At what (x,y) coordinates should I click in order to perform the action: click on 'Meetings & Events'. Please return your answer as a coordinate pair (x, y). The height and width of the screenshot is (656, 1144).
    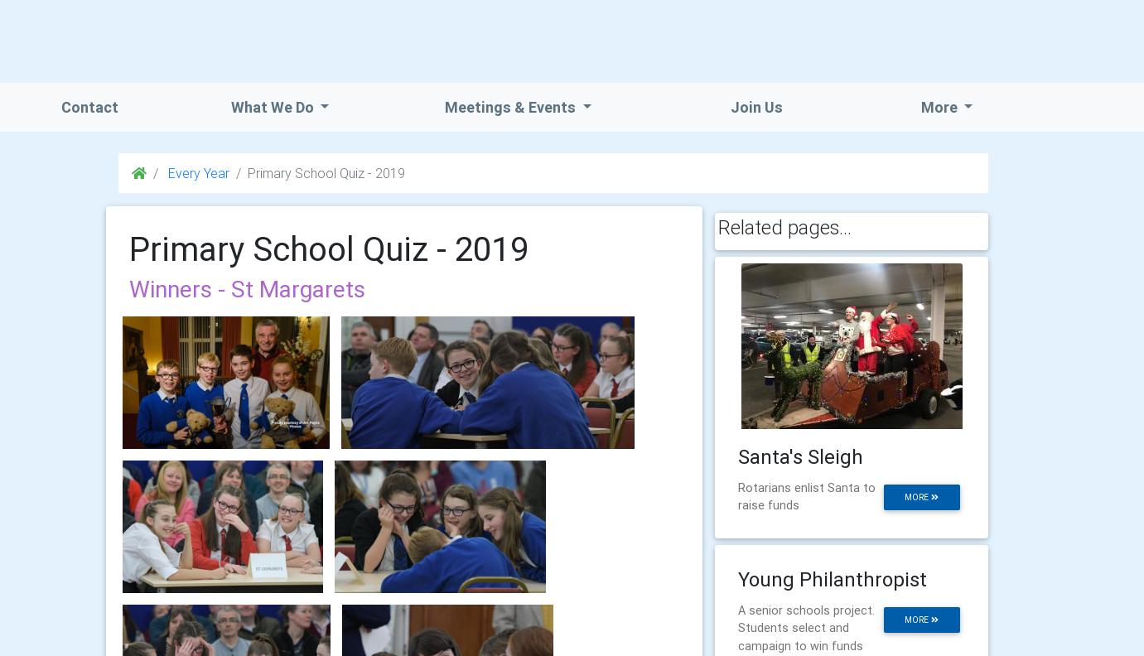
    Looking at the image, I should click on (510, 106).